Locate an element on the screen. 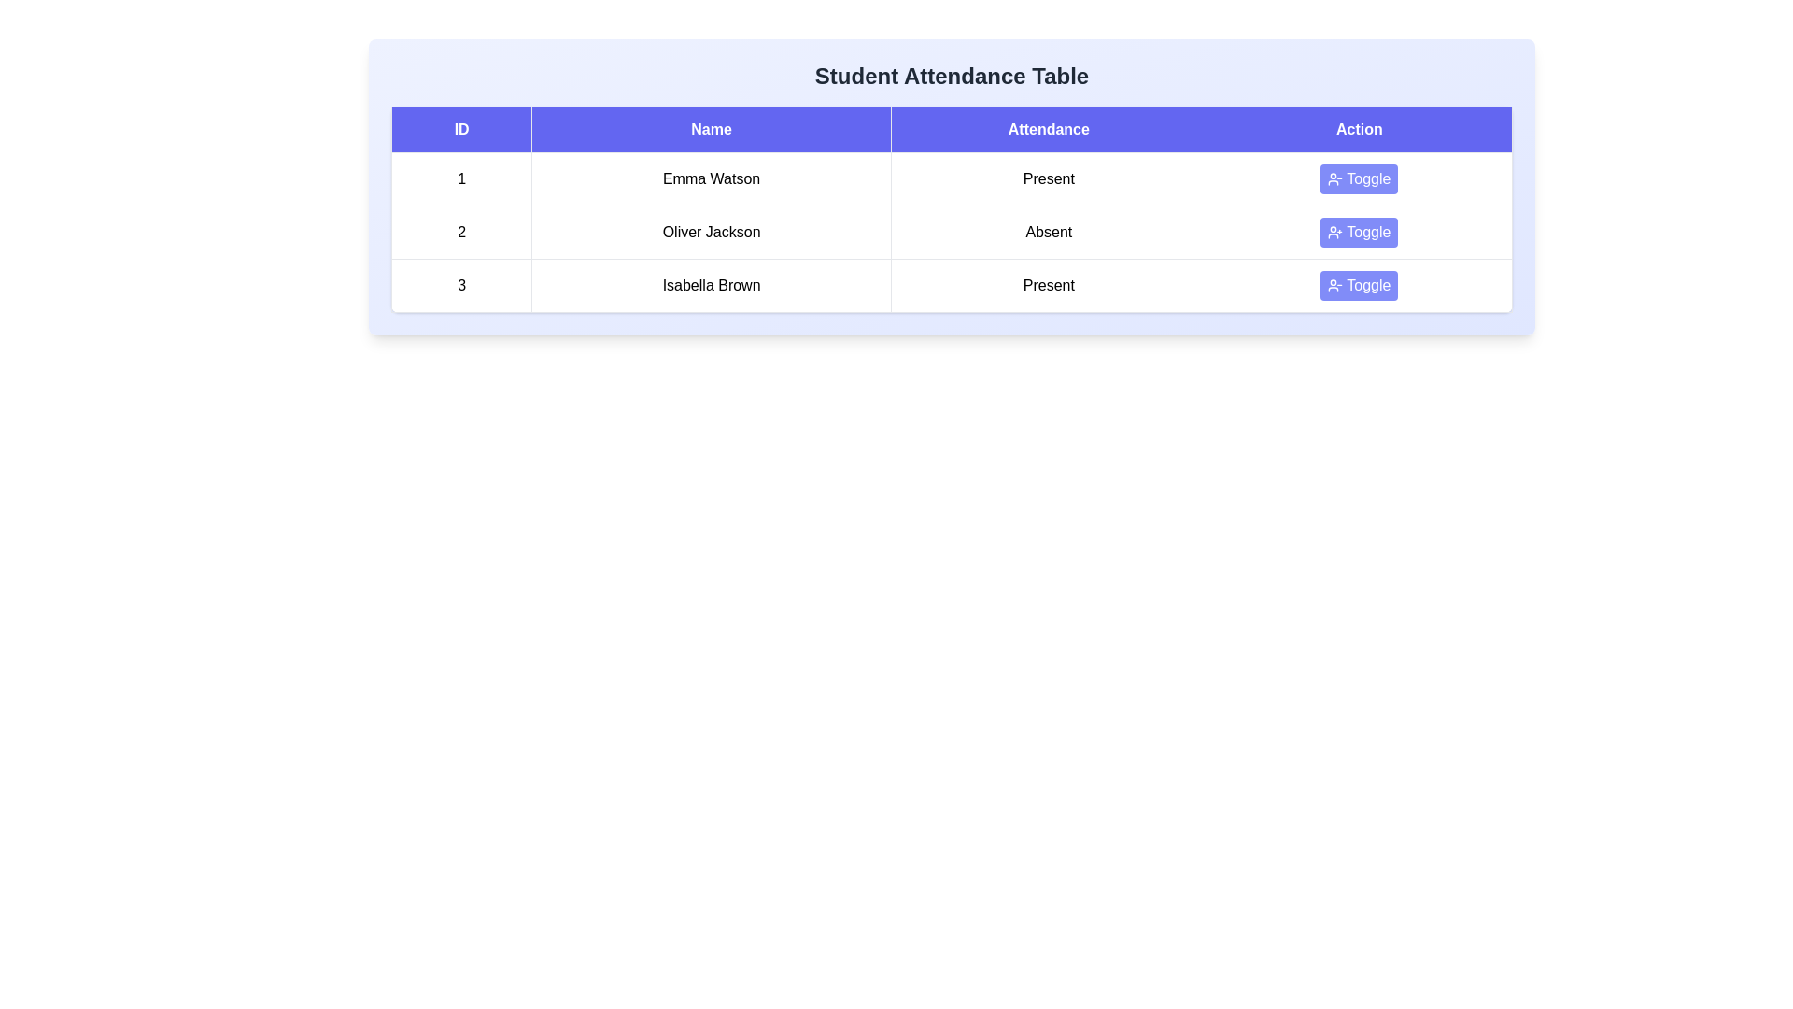 This screenshot has width=1793, height=1009. the Table Header Cell that serves as the header for the 'Name' column, located between the 'ID' and 'Attendance' cells is located at coordinates (711, 128).